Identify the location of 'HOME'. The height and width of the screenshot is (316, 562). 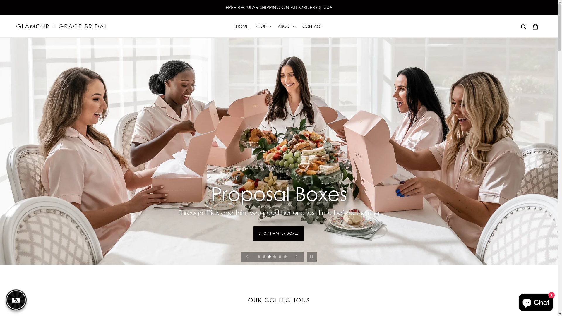
(242, 26).